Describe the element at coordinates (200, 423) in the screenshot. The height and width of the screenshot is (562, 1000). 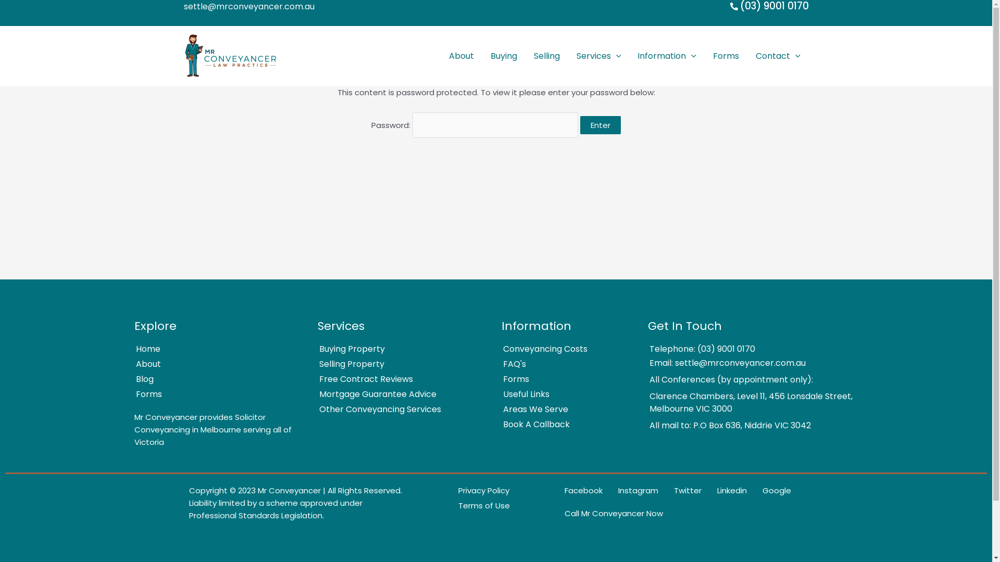
I see `'Solicitor Conveyancing in Melbourne'` at that location.